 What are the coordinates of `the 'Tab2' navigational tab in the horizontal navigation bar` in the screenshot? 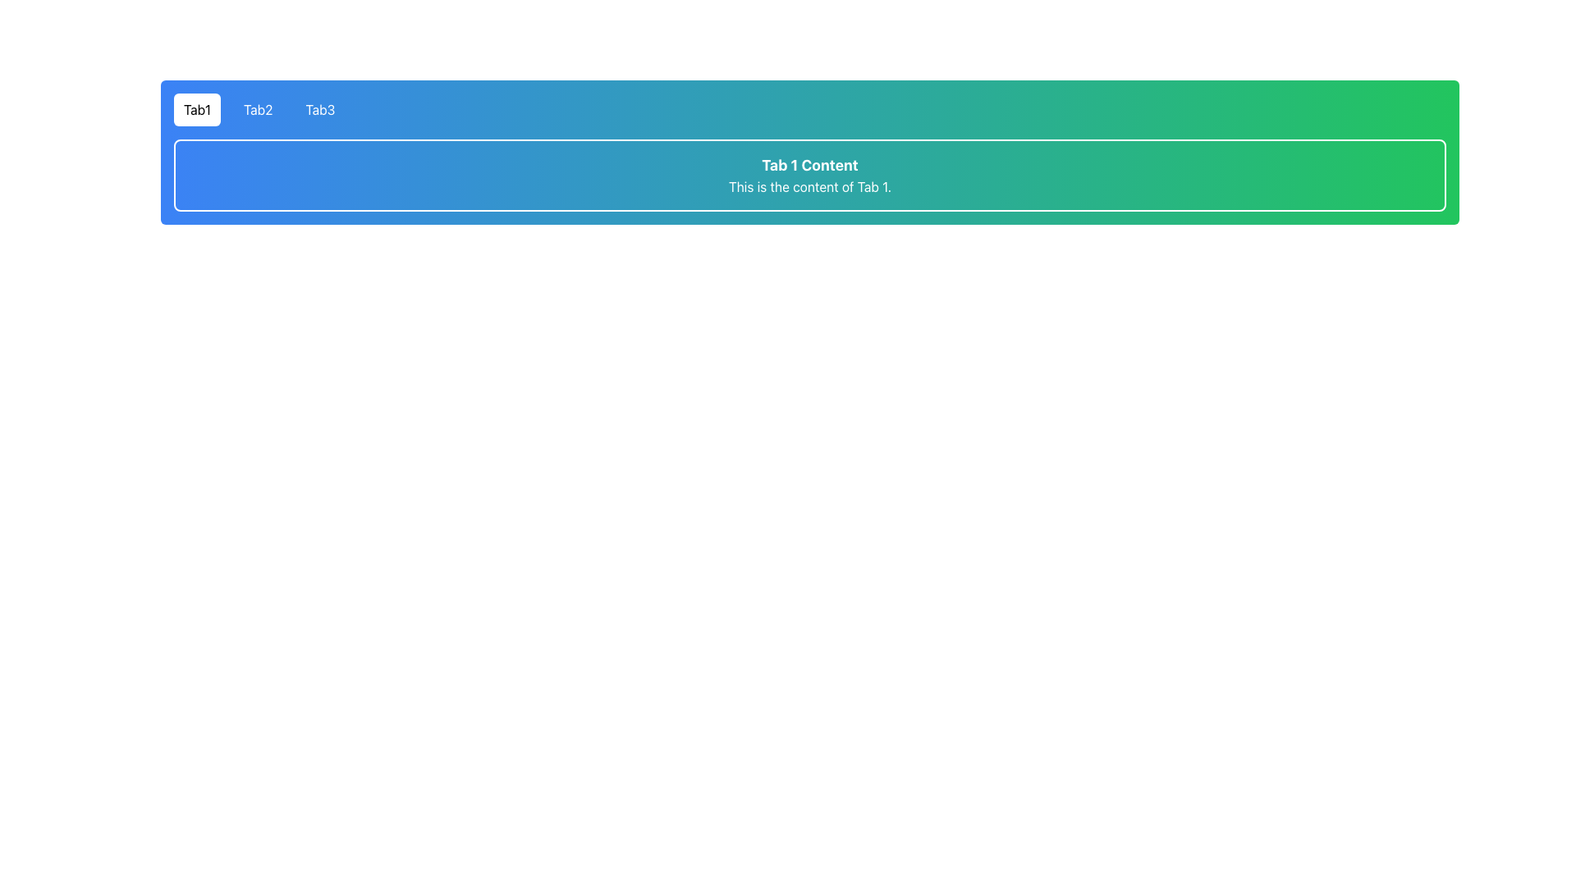 It's located at (257, 110).